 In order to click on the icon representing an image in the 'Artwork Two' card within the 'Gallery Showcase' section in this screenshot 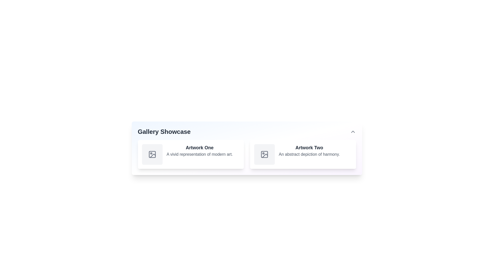, I will do `click(264, 154)`.